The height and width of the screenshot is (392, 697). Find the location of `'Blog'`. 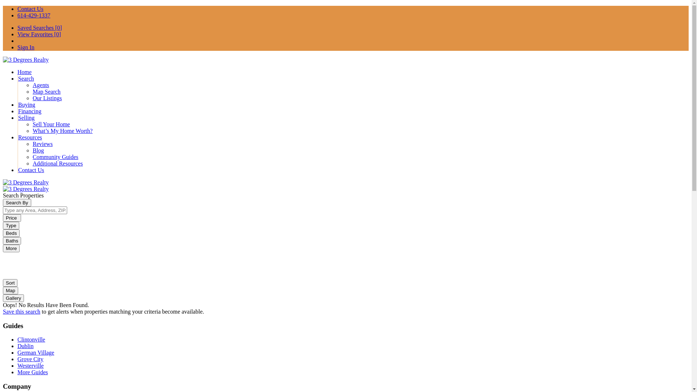

'Blog' is located at coordinates (38, 150).